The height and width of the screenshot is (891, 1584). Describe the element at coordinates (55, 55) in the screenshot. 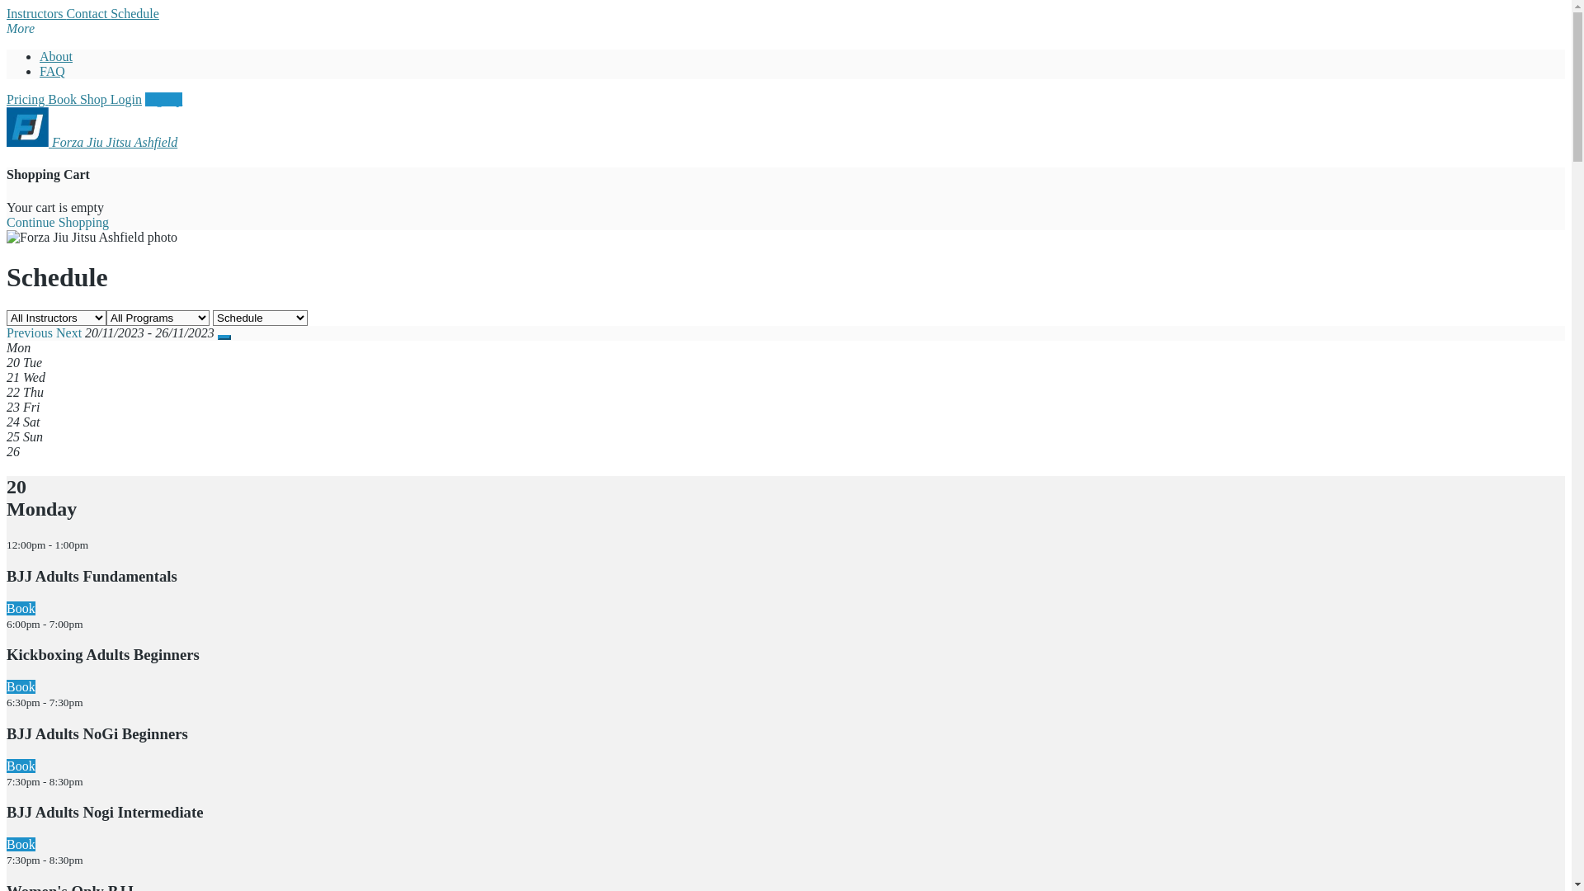

I see `'About'` at that location.